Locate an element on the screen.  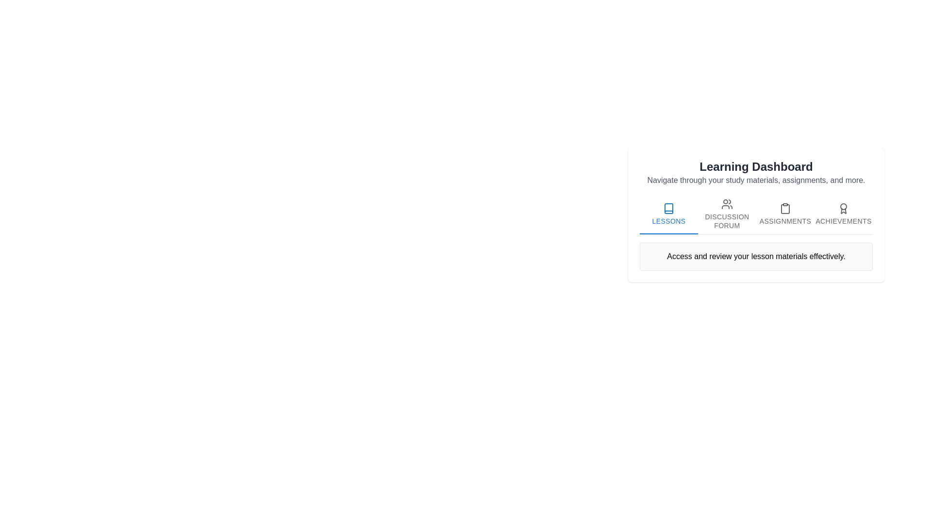
the second tab in the horizontal tab list is located at coordinates (727, 213).